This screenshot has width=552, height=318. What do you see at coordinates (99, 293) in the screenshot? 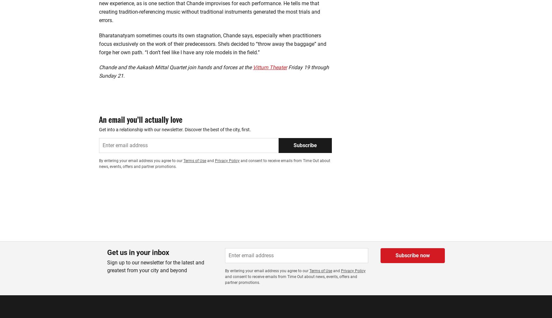
I see `'About us'` at bounding box center [99, 293].